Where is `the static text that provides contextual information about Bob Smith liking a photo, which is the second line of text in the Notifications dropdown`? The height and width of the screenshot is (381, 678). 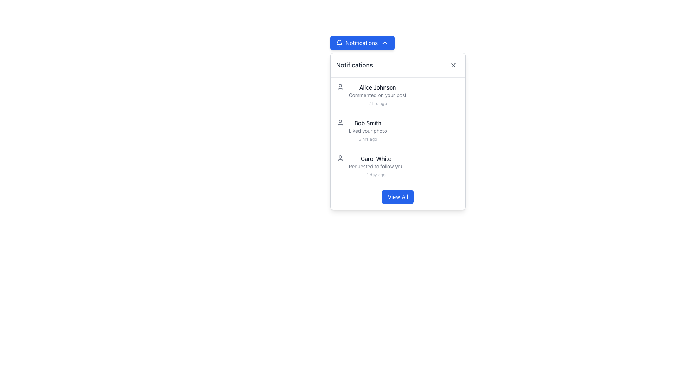 the static text that provides contextual information about Bob Smith liking a photo, which is the second line of text in the Notifications dropdown is located at coordinates (367, 131).